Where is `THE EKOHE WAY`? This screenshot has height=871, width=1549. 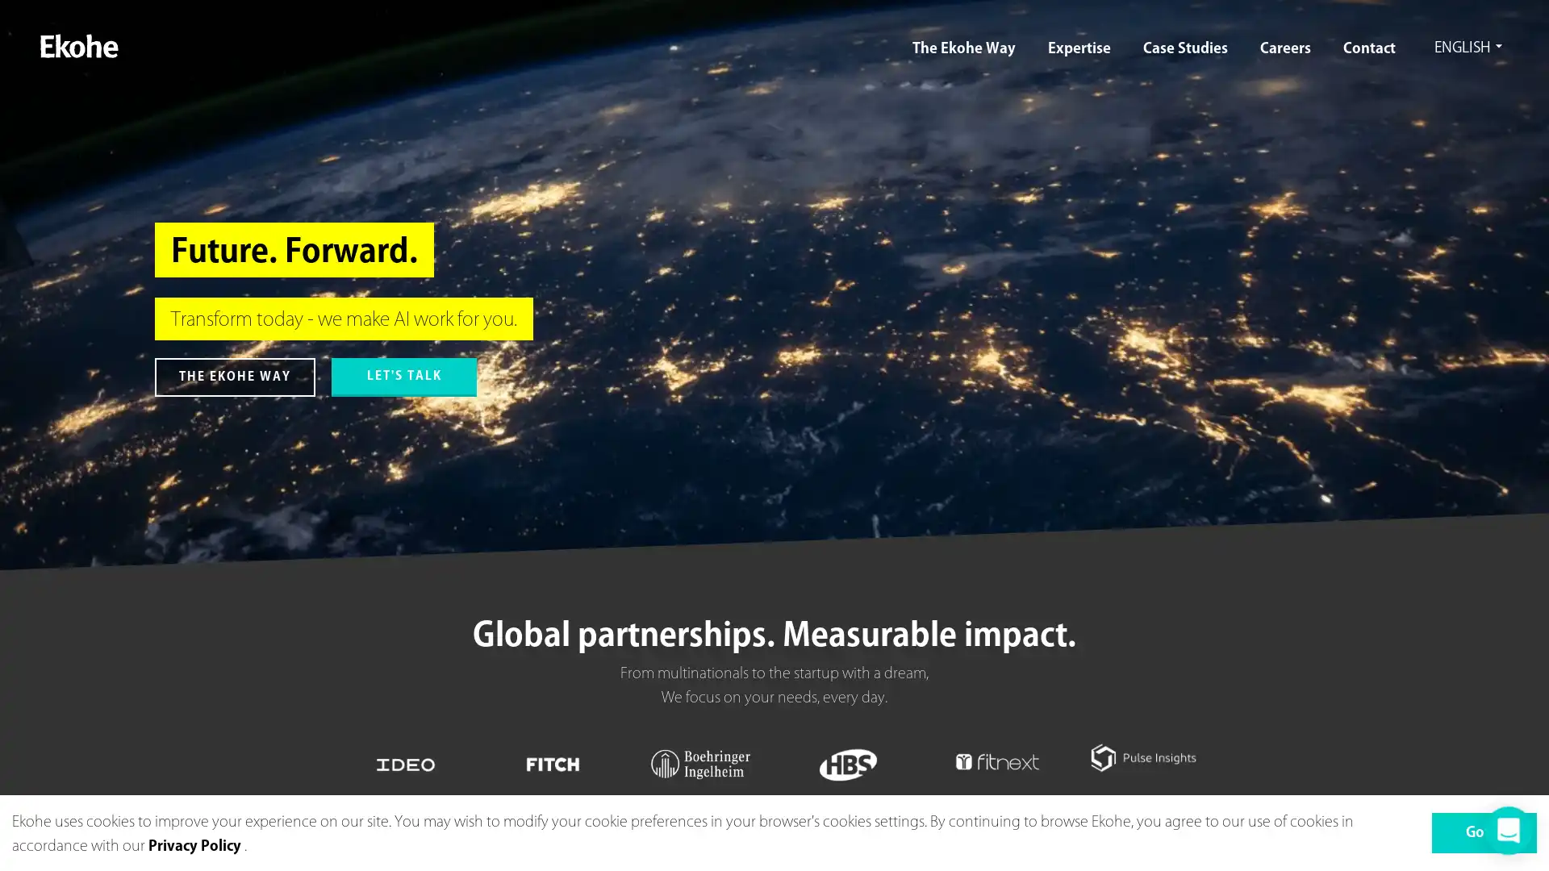 THE EKOHE WAY is located at coordinates (234, 377).